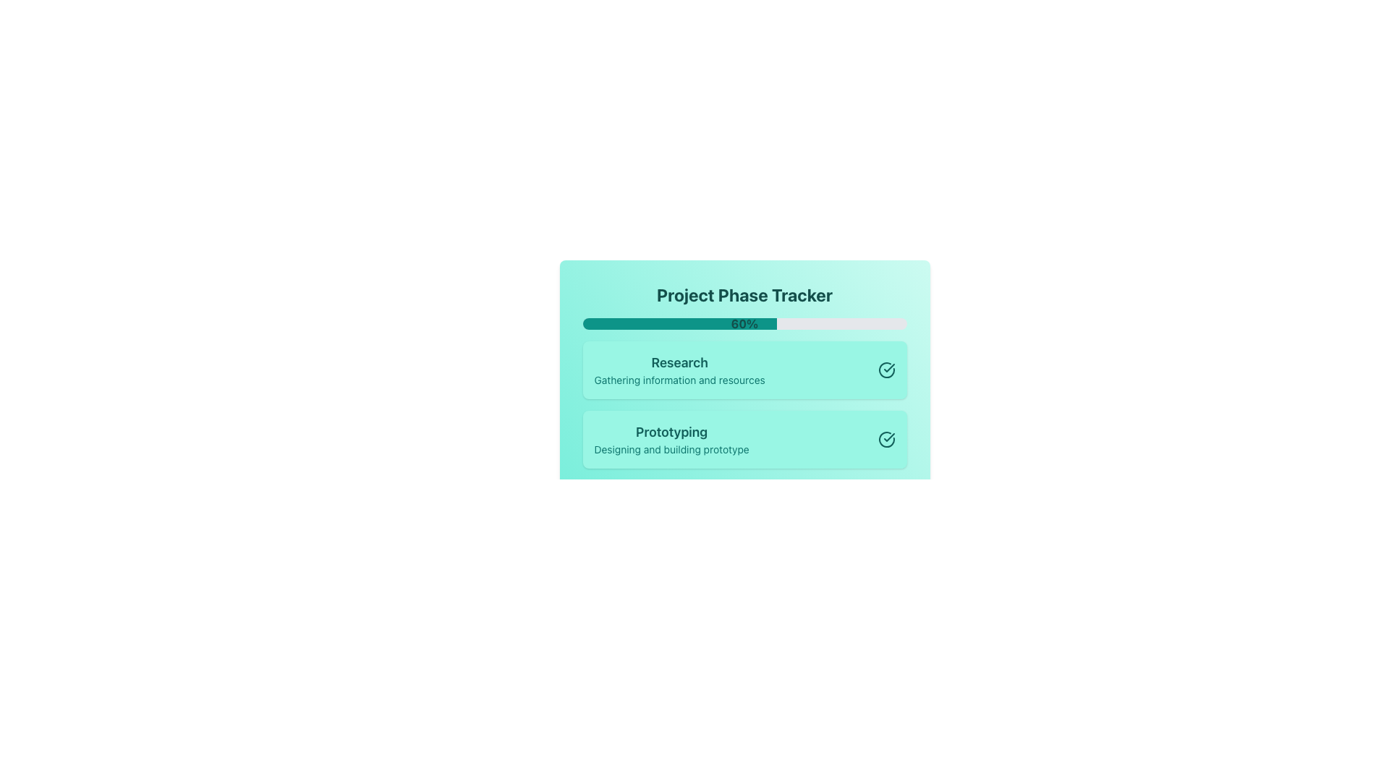  What do you see at coordinates (671, 431) in the screenshot?
I see `text of the 'Prototyping' label, which serves as a title in the project phase tracker, located in the second card under the 'Project Phase Tracker' heading` at bounding box center [671, 431].